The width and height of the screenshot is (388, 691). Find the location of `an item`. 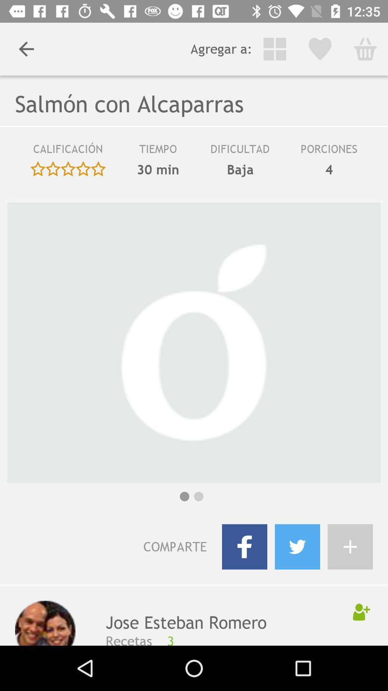

an item is located at coordinates (350, 547).